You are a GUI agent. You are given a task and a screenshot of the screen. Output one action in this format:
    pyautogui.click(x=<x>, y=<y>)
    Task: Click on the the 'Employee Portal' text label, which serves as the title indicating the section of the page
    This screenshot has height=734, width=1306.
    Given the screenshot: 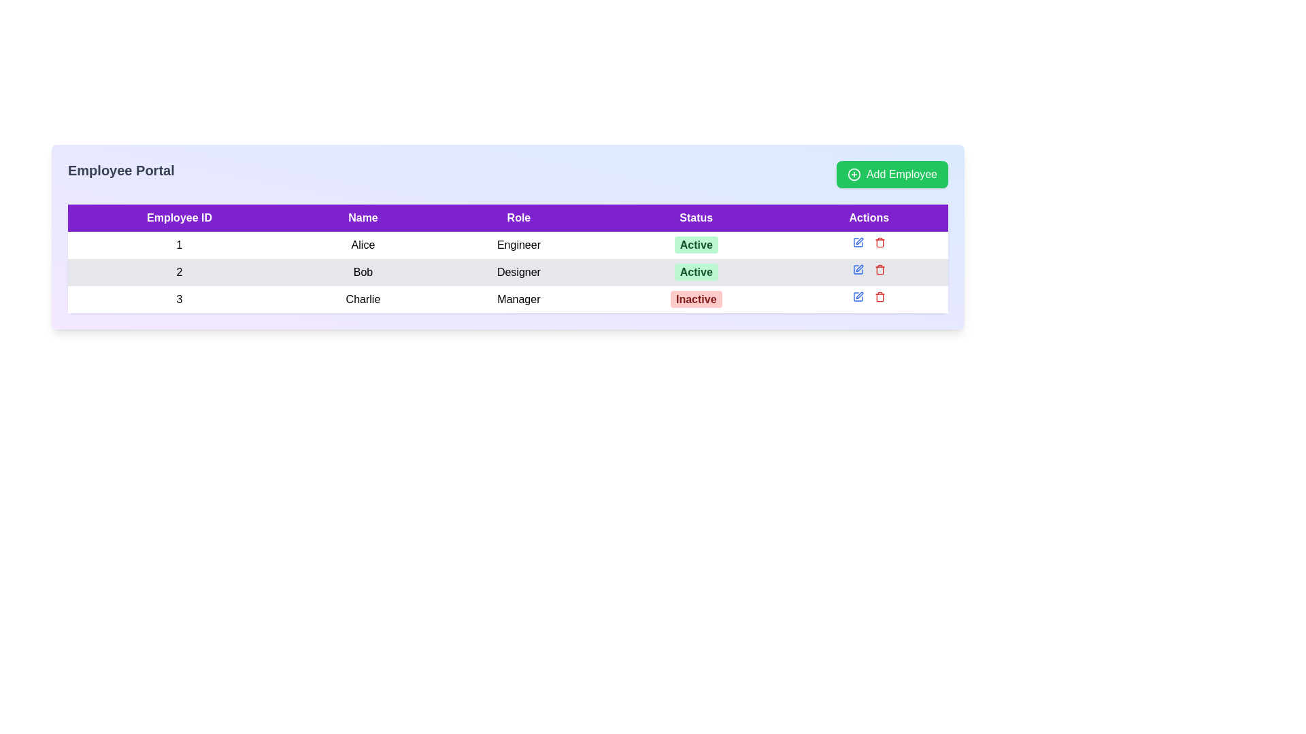 What is the action you would take?
    pyautogui.click(x=121, y=174)
    